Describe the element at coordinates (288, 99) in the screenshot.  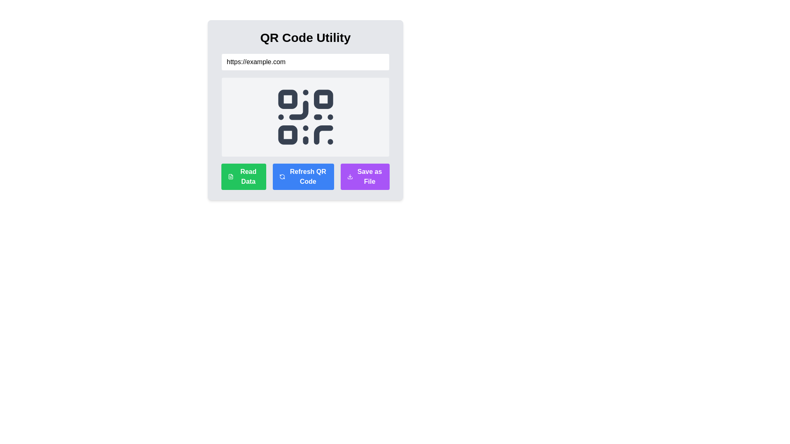
I see `the small rectangular block with rounded corners located at the top-left corner of the QR code structure for debugging purposes` at that location.